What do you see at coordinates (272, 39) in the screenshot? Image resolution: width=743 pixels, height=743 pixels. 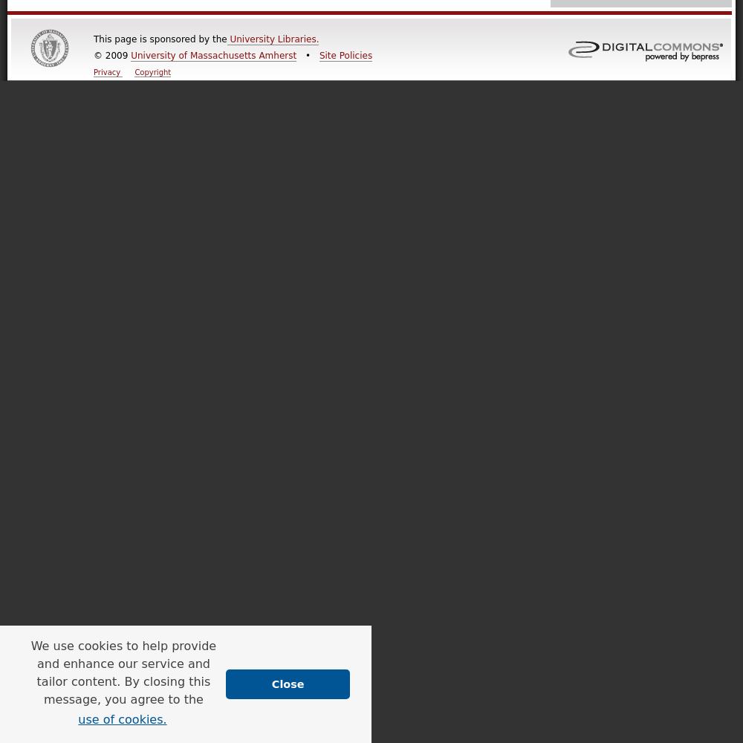 I see `'University Libraries.'` at bounding box center [272, 39].